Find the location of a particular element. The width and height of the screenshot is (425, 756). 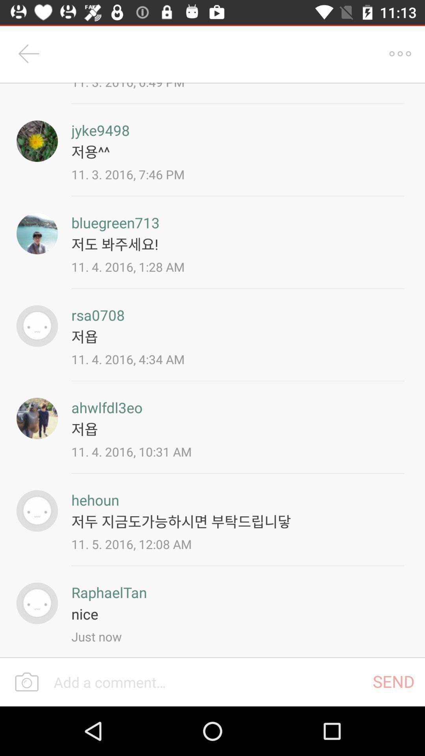

take a photo or image is located at coordinates (26, 682).